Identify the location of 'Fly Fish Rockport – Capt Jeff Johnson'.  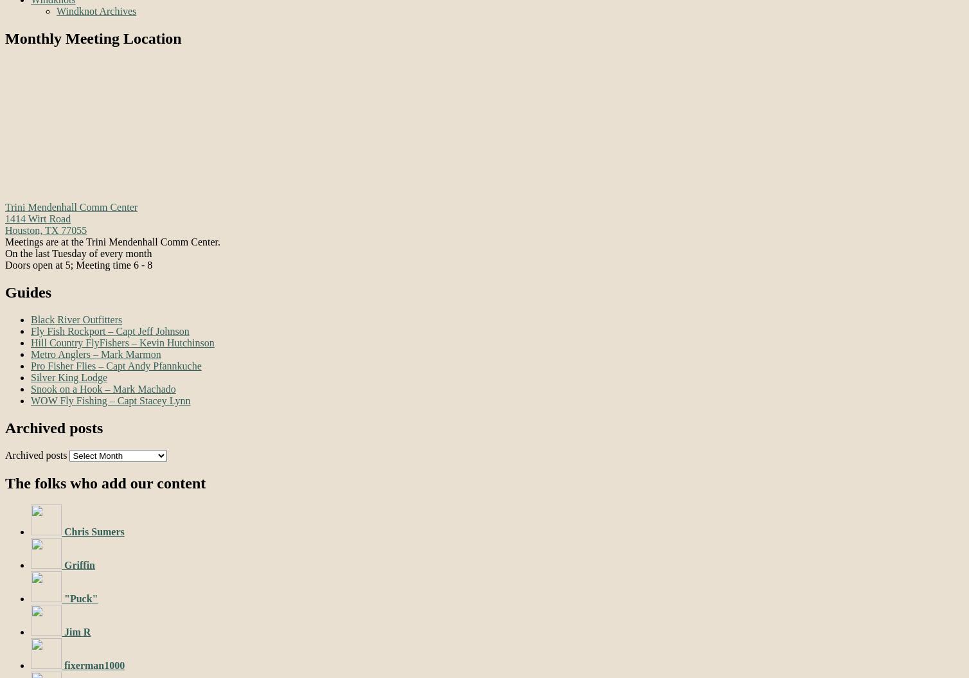
(110, 330).